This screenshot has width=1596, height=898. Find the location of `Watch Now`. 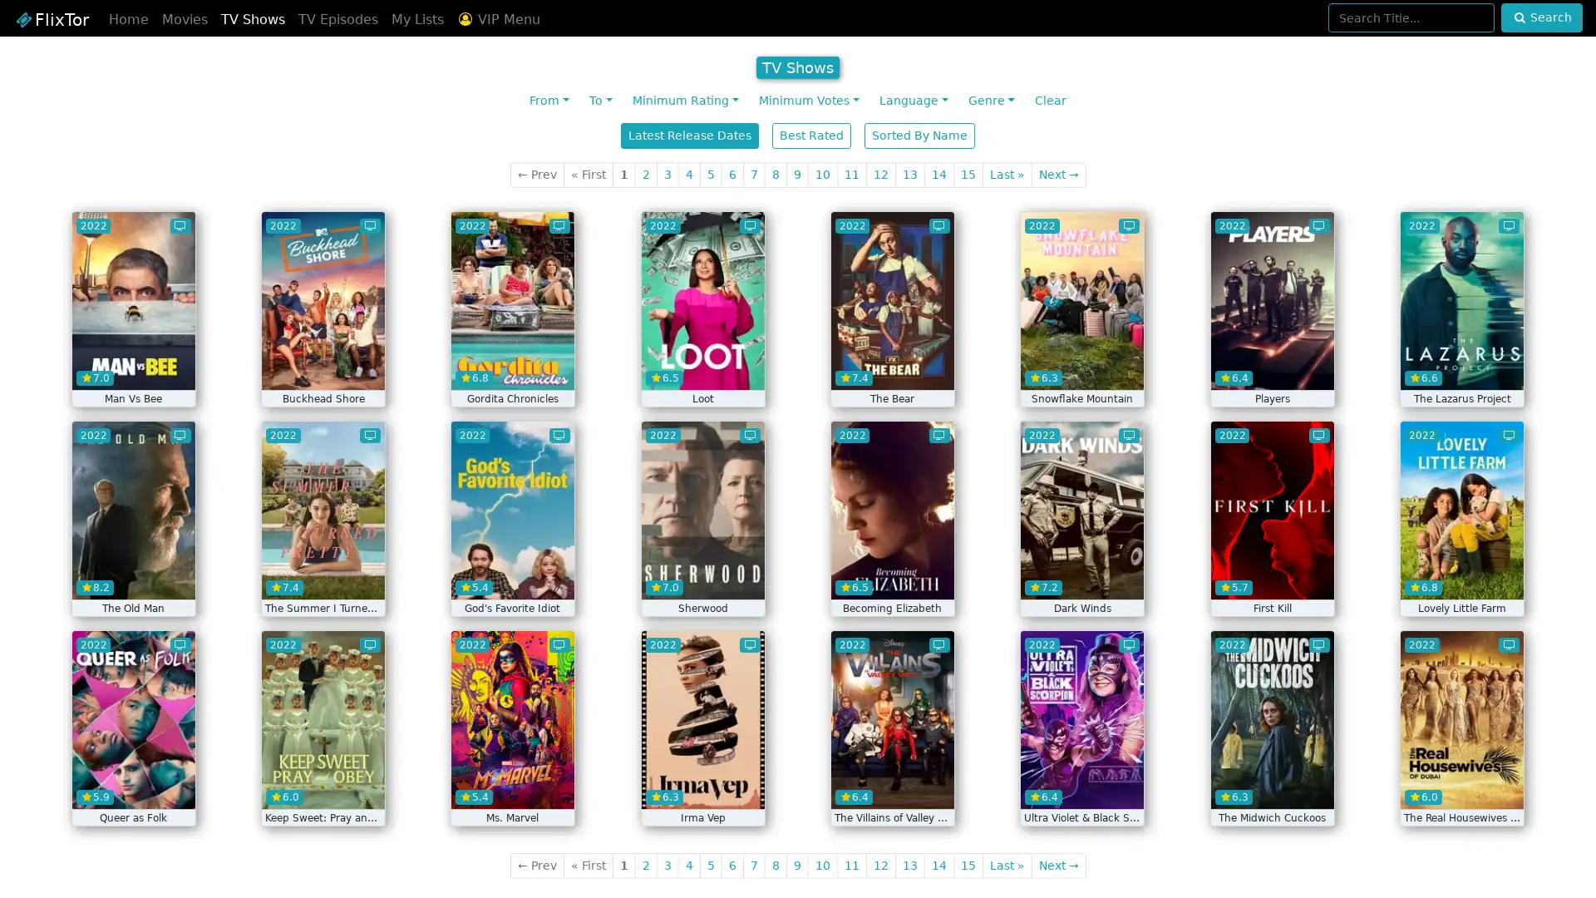

Watch Now is located at coordinates (891, 364).